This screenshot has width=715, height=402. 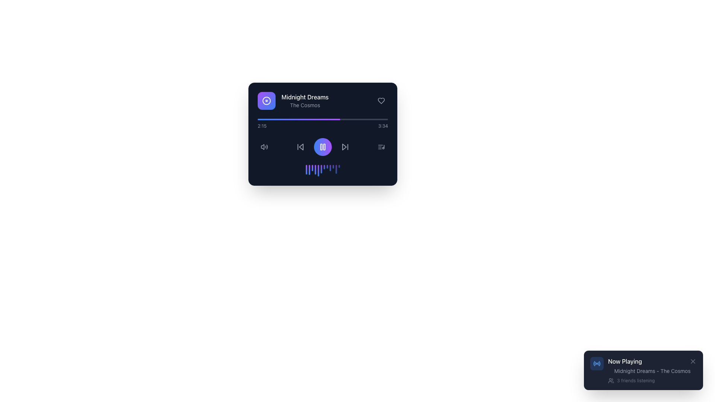 What do you see at coordinates (635, 380) in the screenshot?
I see `the text label displaying '3 friends listening' located in the bottom-right corner of the dark-themed popup under the 'Now Playing' section` at bounding box center [635, 380].